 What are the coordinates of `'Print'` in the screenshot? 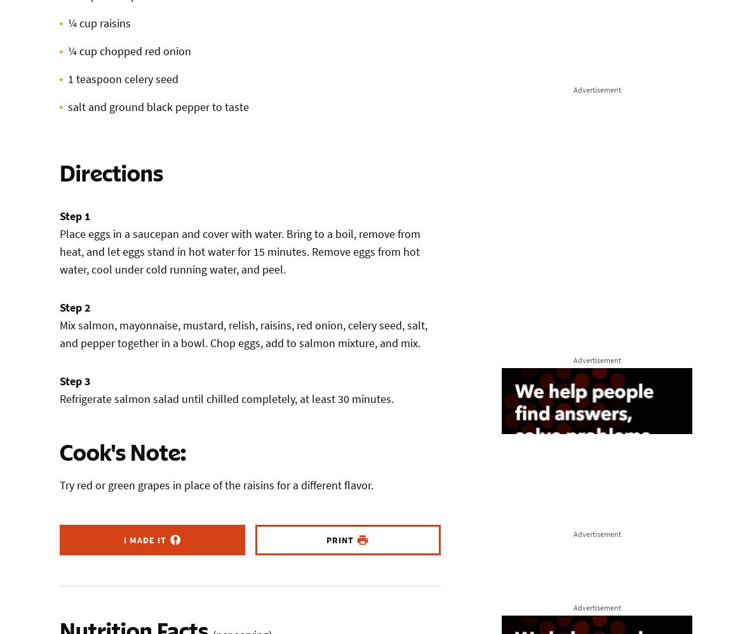 It's located at (325, 539).